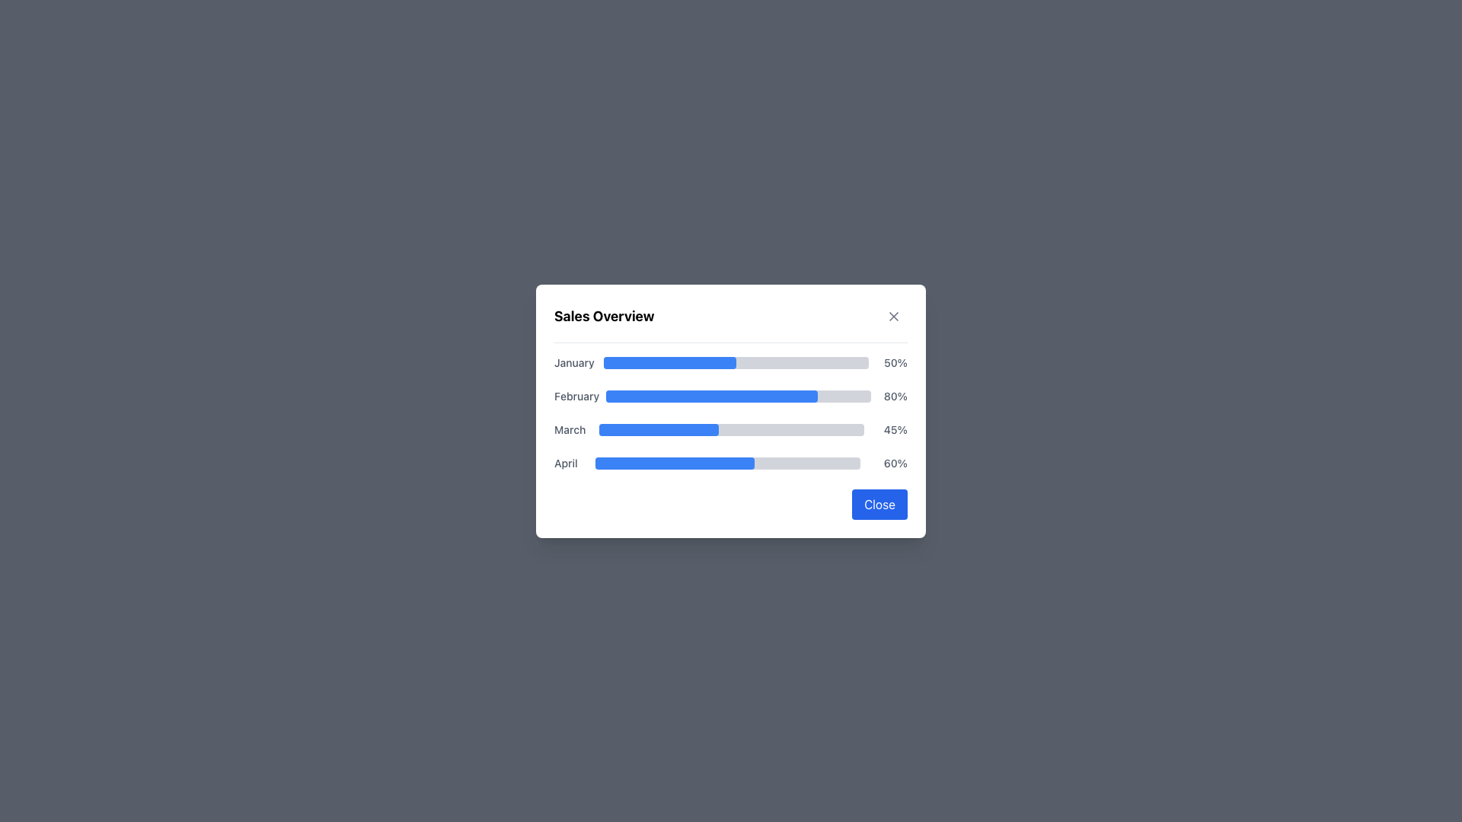 The image size is (1462, 822). What do you see at coordinates (892, 429) in the screenshot?
I see `the label displaying '45%' in gray, which is positioned to the right of the blue progress bar and the 'March' label in the lower part of the modal dialog box` at bounding box center [892, 429].